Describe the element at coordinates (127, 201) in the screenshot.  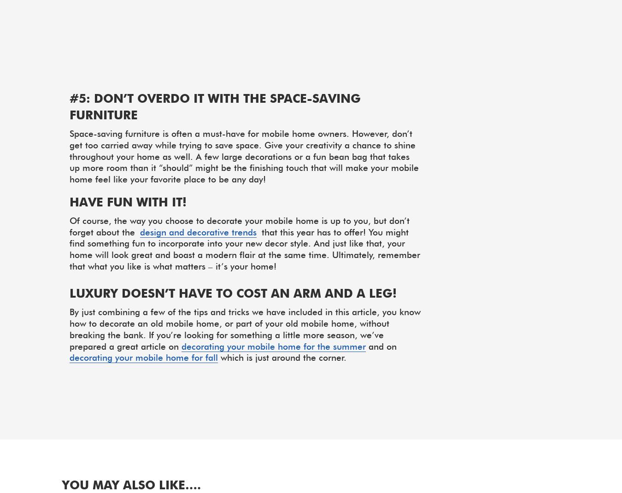
I see `'HAVE FUN WITH IT!'` at that location.